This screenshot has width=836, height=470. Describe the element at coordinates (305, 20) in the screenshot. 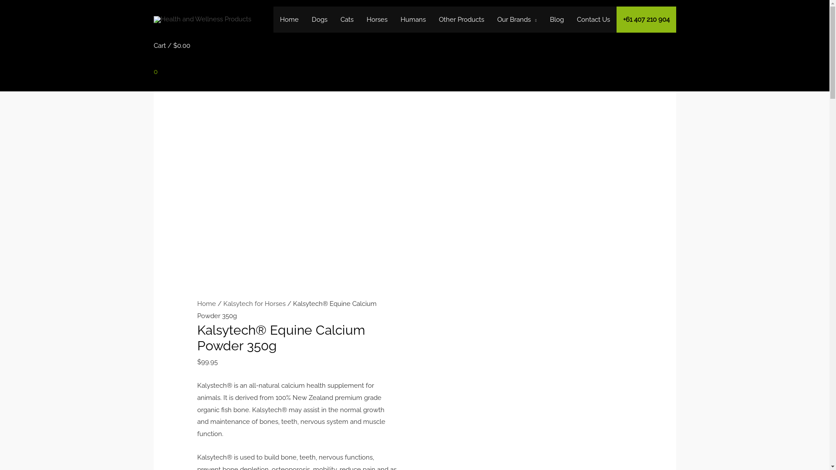

I see `'Dogs'` at that location.